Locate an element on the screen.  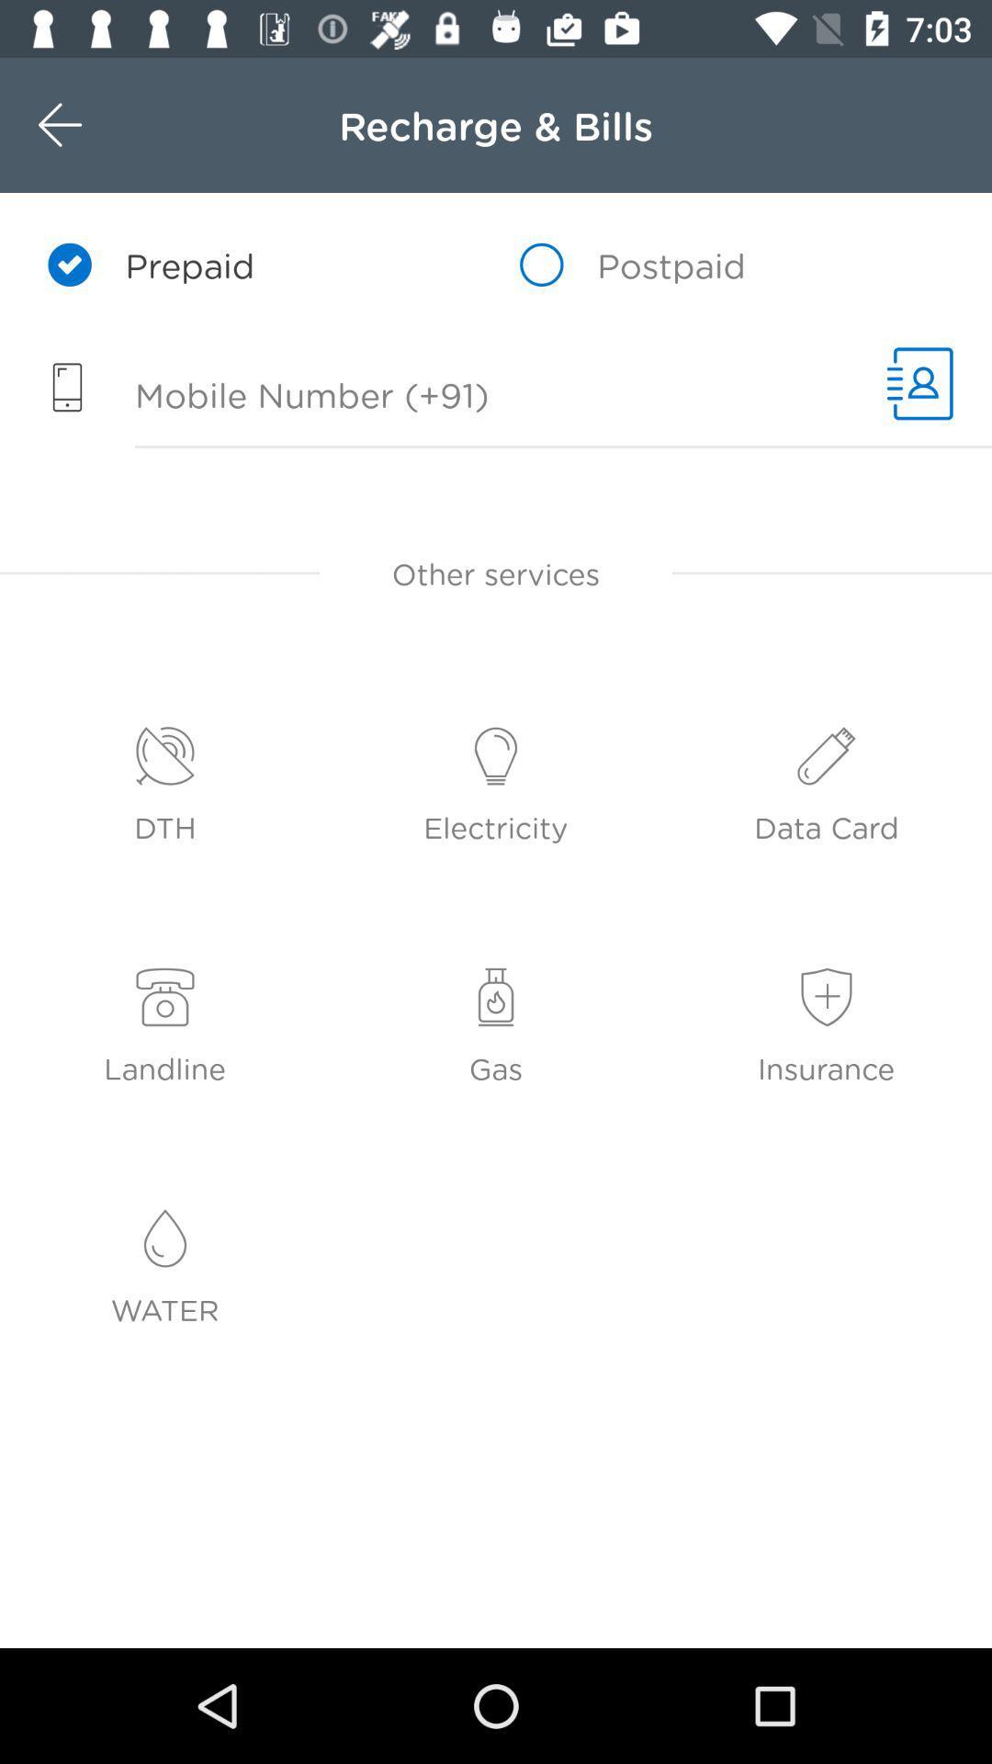
the icon above the landline is located at coordinates (165, 997).